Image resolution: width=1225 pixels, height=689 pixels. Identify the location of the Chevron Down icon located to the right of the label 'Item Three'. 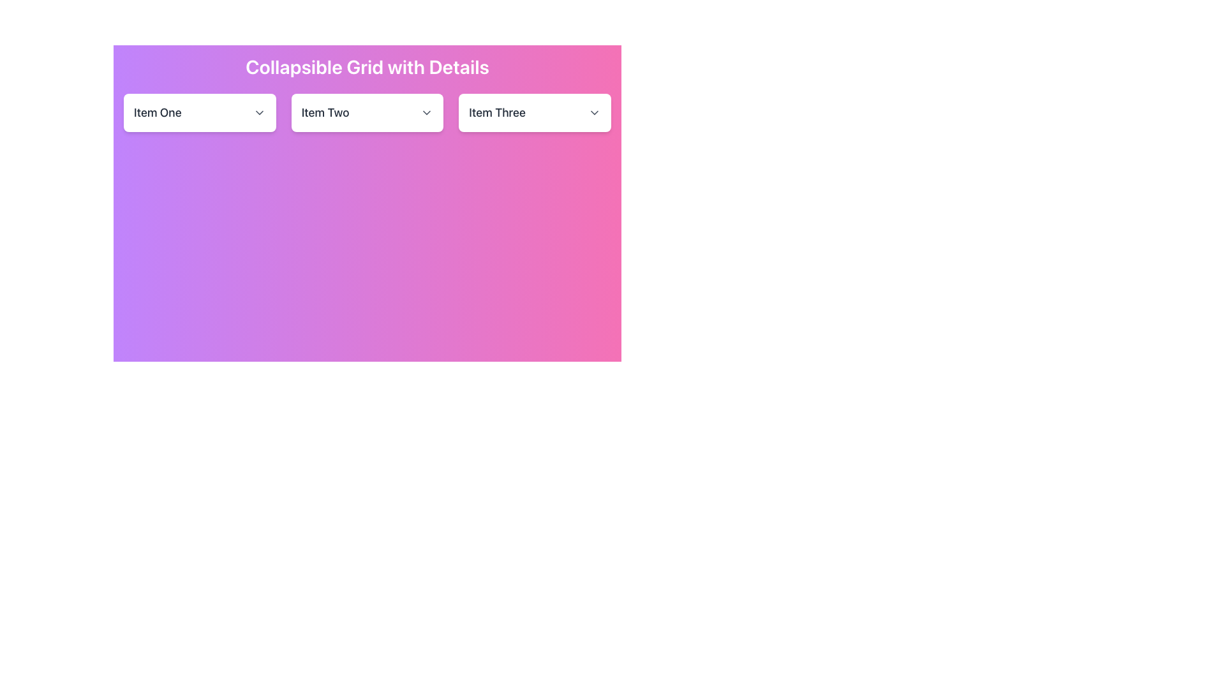
(593, 112).